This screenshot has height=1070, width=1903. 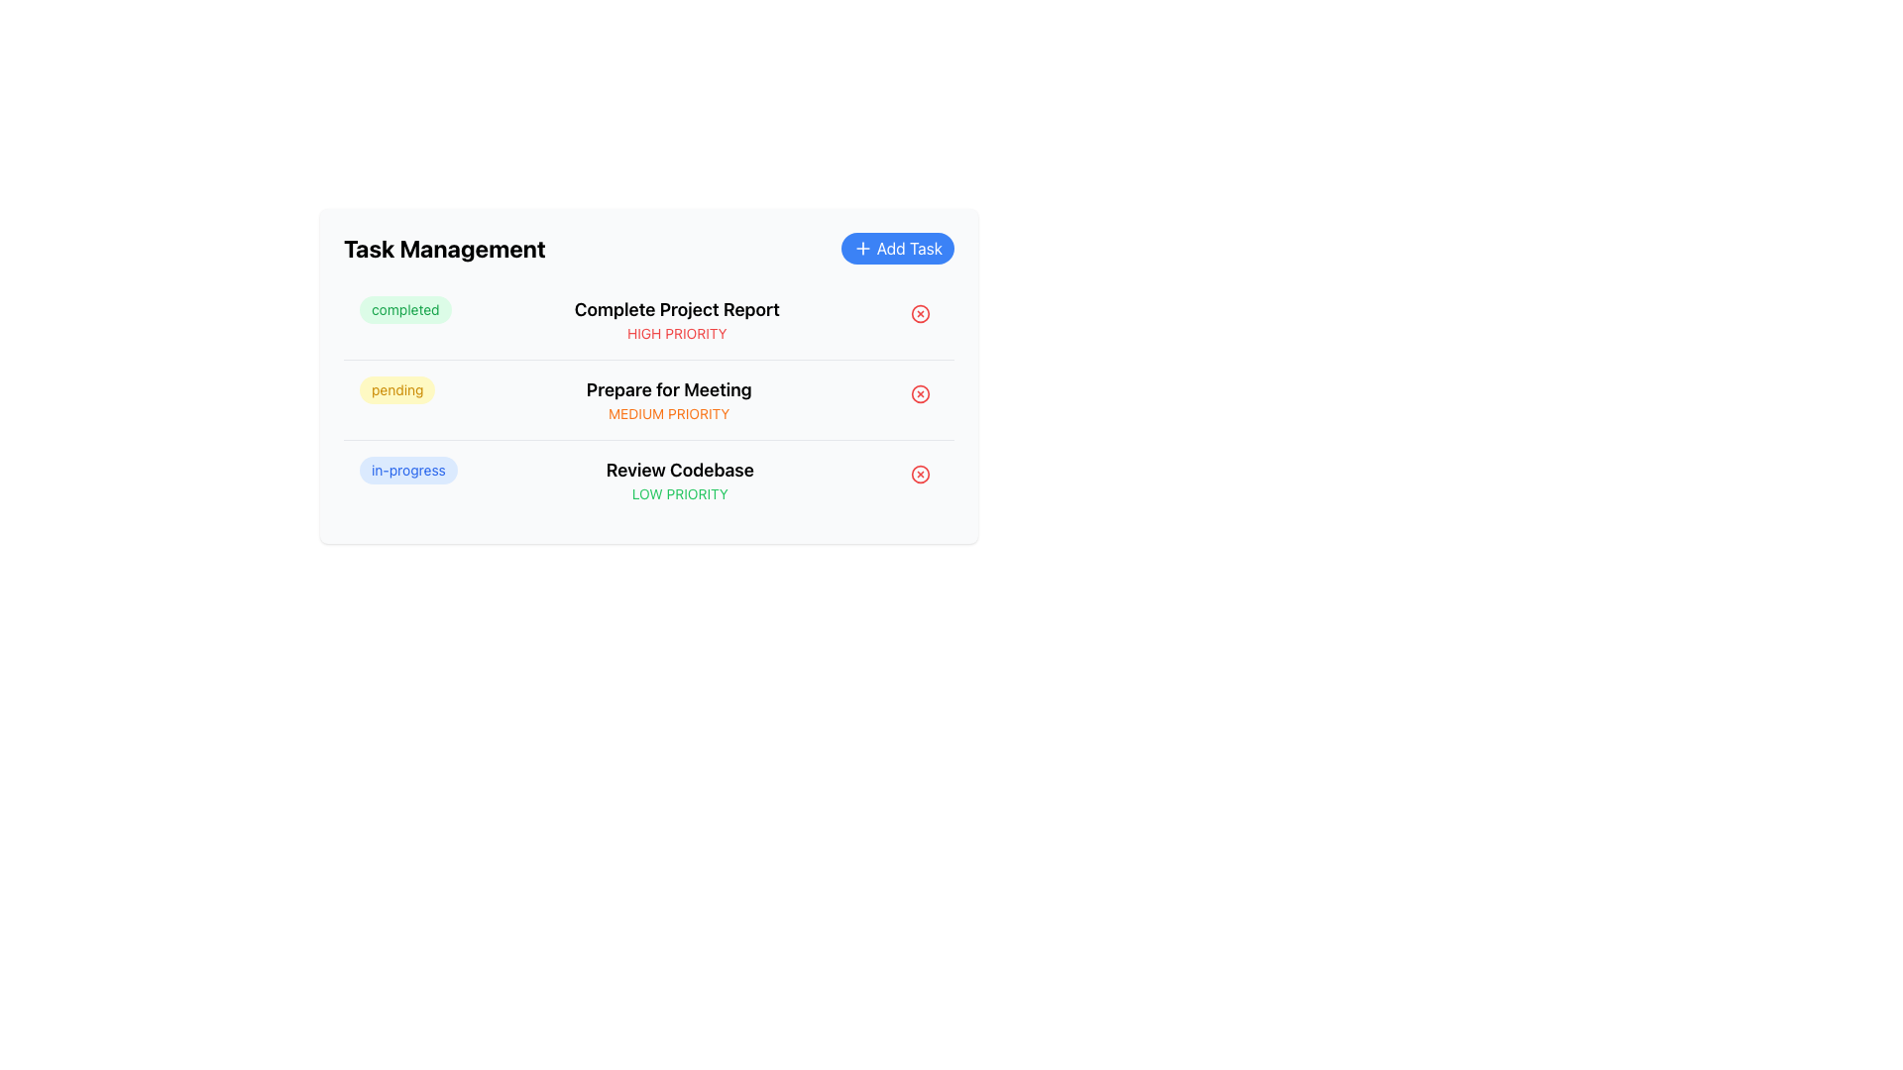 What do you see at coordinates (648, 399) in the screenshot?
I see `task details of the second task item in the task management interface, which is located between 'Complete Project Report' and 'Review Codebase'` at bounding box center [648, 399].